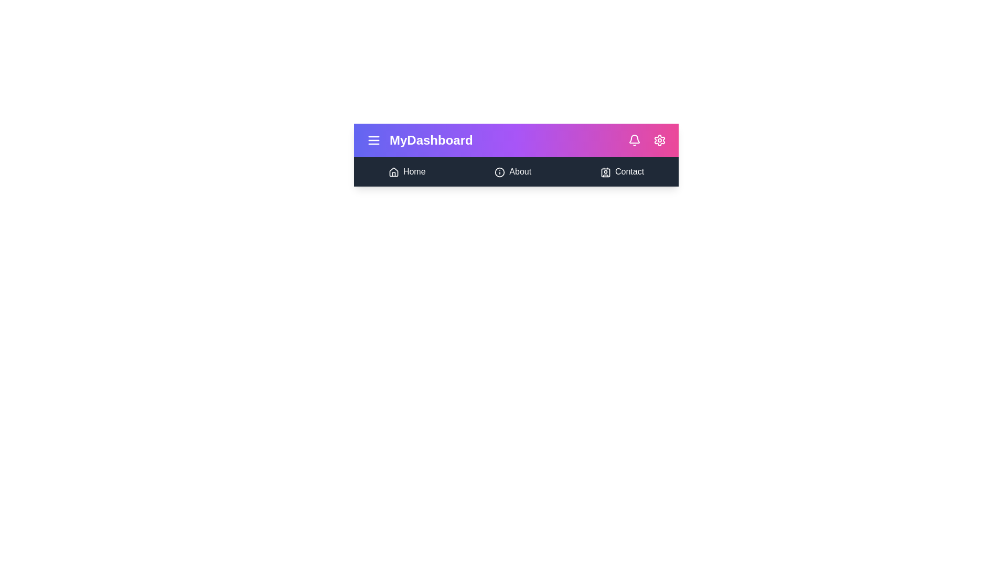 The width and height of the screenshot is (1007, 566). I want to click on the settings gear icon, so click(659, 139).